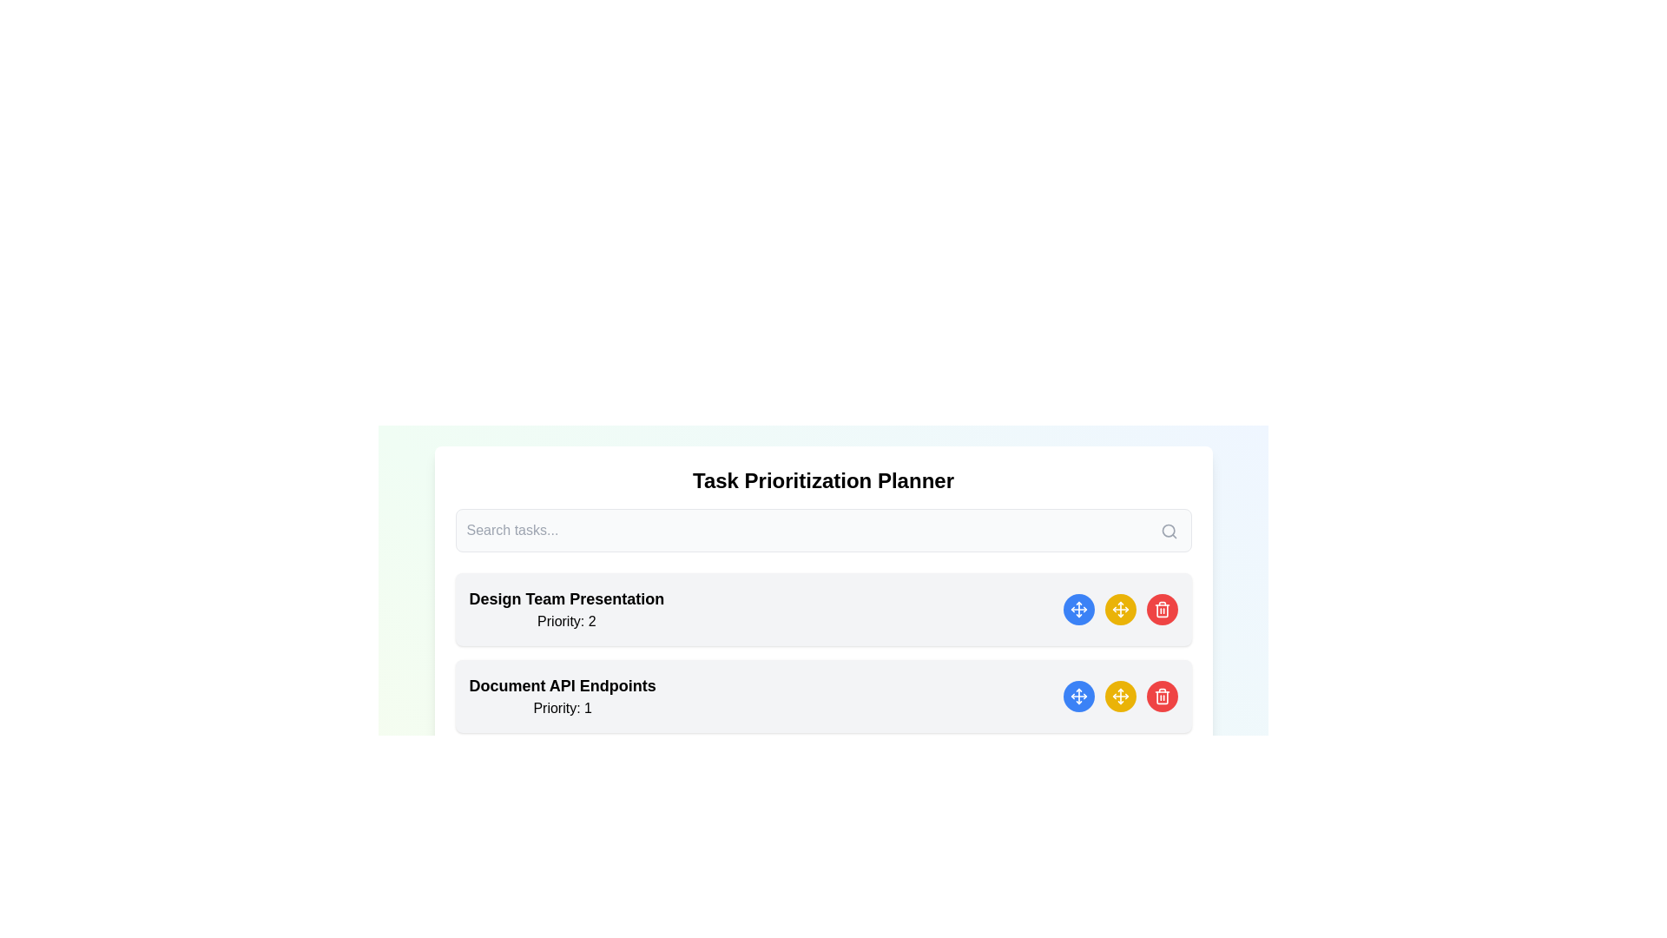 This screenshot has width=1667, height=938. Describe the element at coordinates (1077, 609) in the screenshot. I see `the directional cross icon button against a blue circular background located in the action buttons area to the far right of the task titled 'Design Team Presentation' in the task list` at that location.